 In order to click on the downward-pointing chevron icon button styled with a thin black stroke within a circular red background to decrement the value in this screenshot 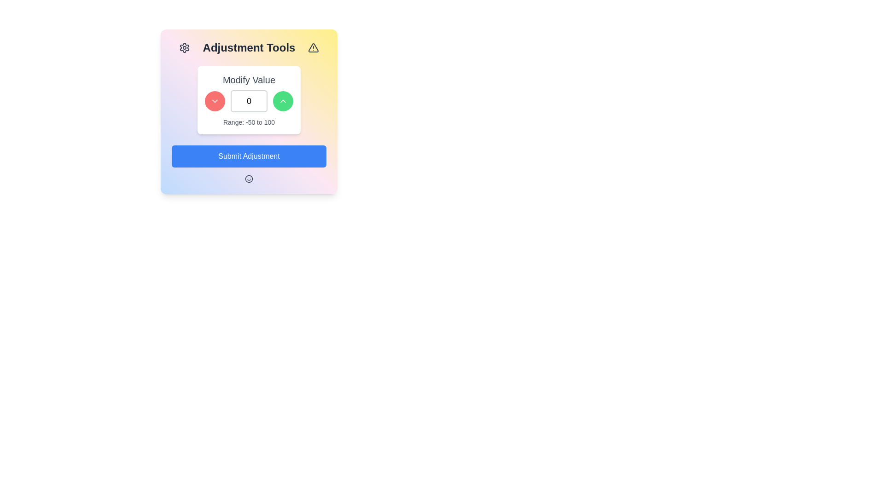, I will do `click(214, 101)`.